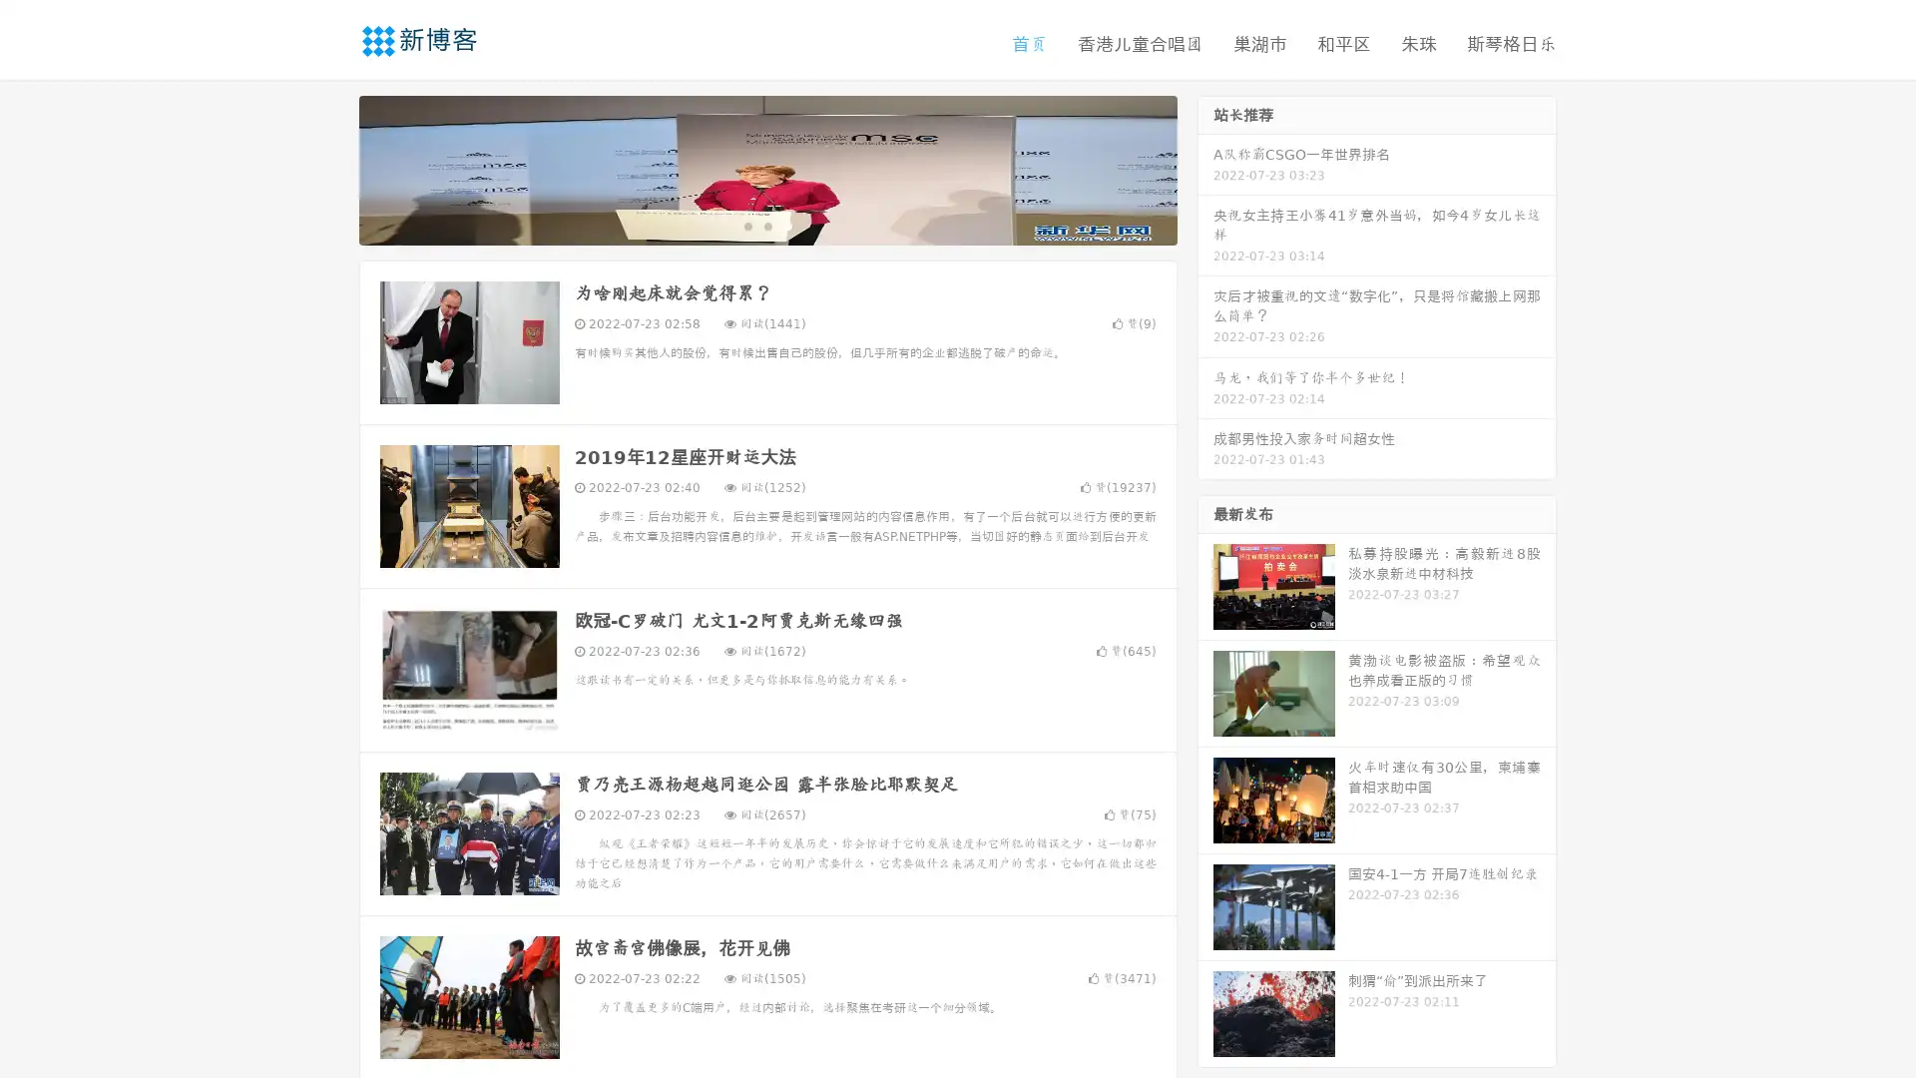  What do you see at coordinates (787, 225) in the screenshot?
I see `Go to slide 3` at bounding box center [787, 225].